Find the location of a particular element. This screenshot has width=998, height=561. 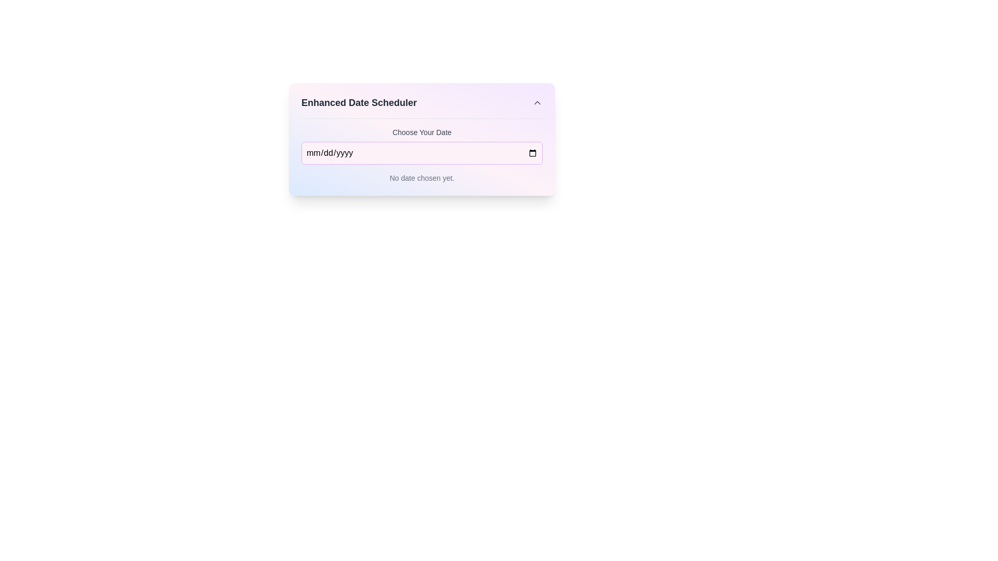

the static text element displaying 'No date chosen yet.' which provides feedback related to date selection is located at coordinates (422, 178).